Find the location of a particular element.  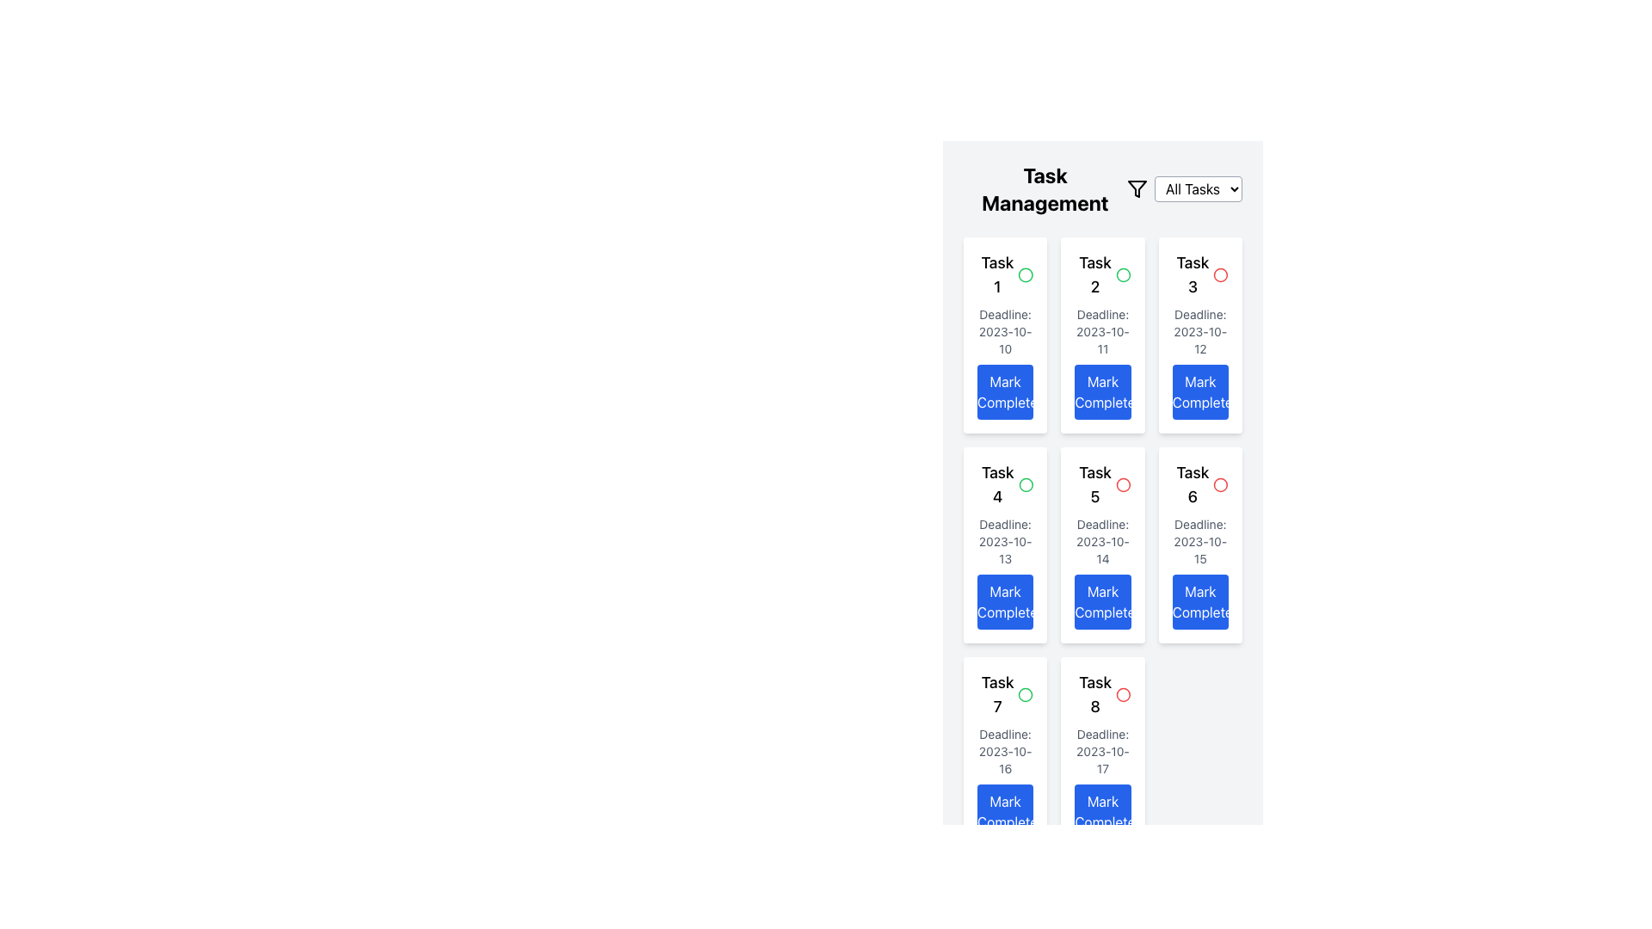

the 'All Tasks' dropdown button in the top-right corner of the Task Management interface is located at coordinates (1197, 188).